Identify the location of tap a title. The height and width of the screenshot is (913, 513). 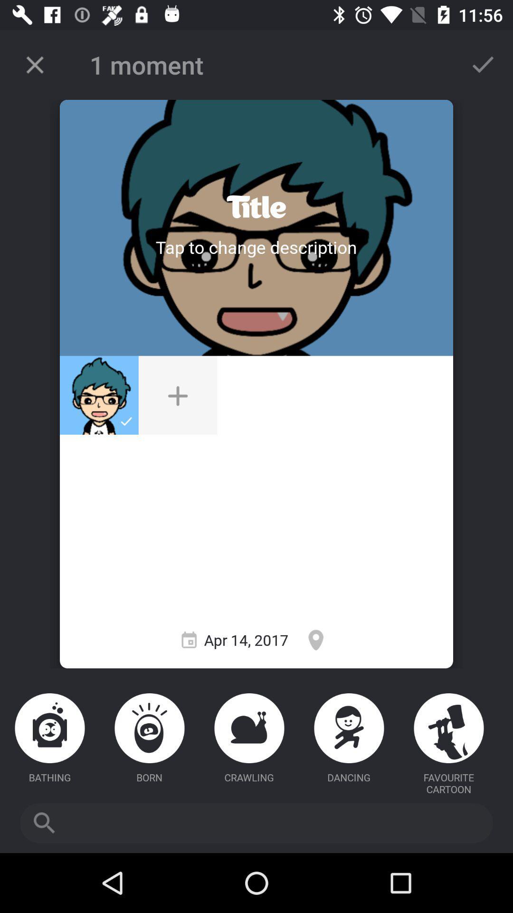
(256, 247).